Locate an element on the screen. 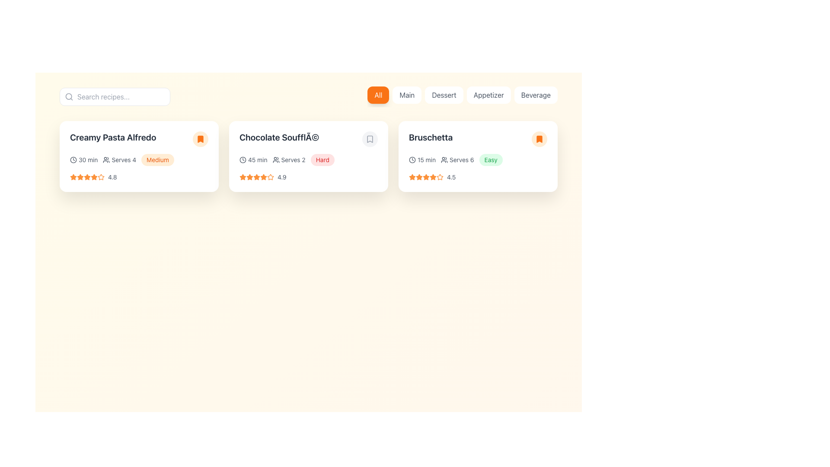 This screenshot has height=467, width=830. the 'Serves 2' text with icon, which is the second element in a group of three inside a card, located between '45 min' and 'hard' is located at coordinates (289, 160).